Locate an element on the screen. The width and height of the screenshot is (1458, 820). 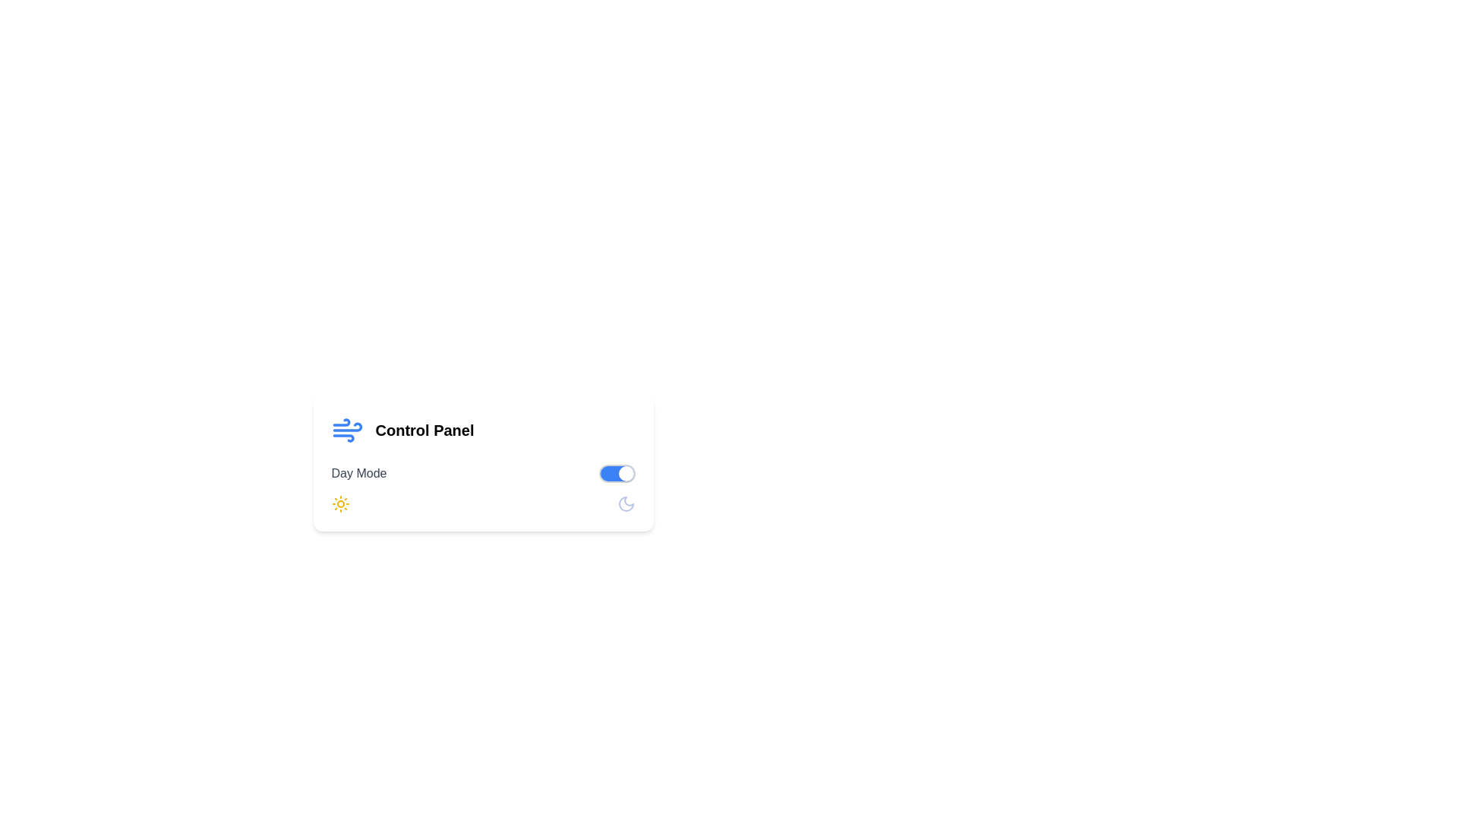
the wind lines icon located to the left of the 'Control Panel' text element by moving the cursor to its center point is located at coordinates (346, 430).